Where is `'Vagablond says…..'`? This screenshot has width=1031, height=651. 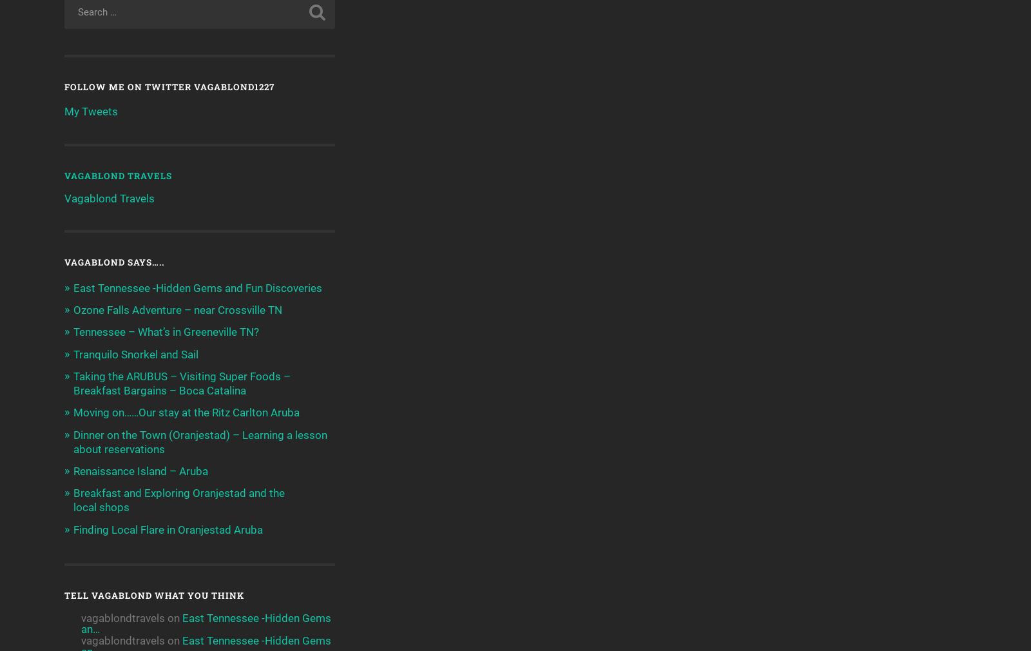
'Vagablond says…..' is located at coordinates (64, 262).